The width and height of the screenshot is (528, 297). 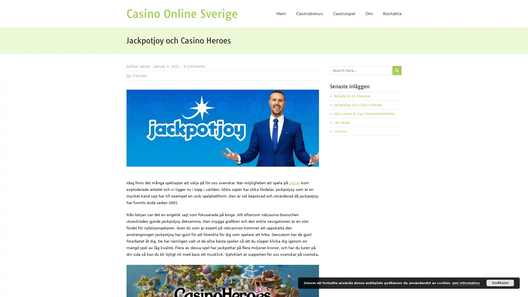 What do you see at coordinates (397, 70) in the screenshot?
I see `send` at bounding box center [397, 70].